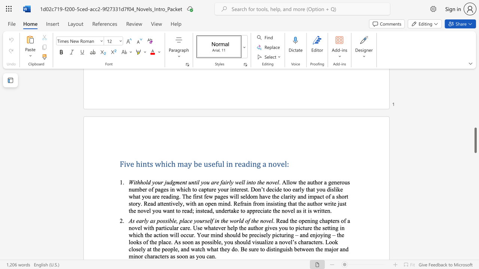  Describe the element at coordinates (332, 220) in the screenshot. I see `the subset text "ers of a novel with particular care. Use whatever help the author gives you to picture the setting in which the action will occur. Your mind should be precisely picturing – and enjoying – the looks of the place. As soon as possible, you should visualize a novel’s characters" within the text ". Read the opening chapters of a novel with particular care. Use whatever help the author gives you to picture the setting in which the action will occur. Your mind should be precisely picturing – and enjoying – the looks of the place. As soon as possible, you should visualize a novel’s characters. Look closely at the people, and watch what they do. Be sure to distinguish between the major and minor characters as soon as you can."` at that location.